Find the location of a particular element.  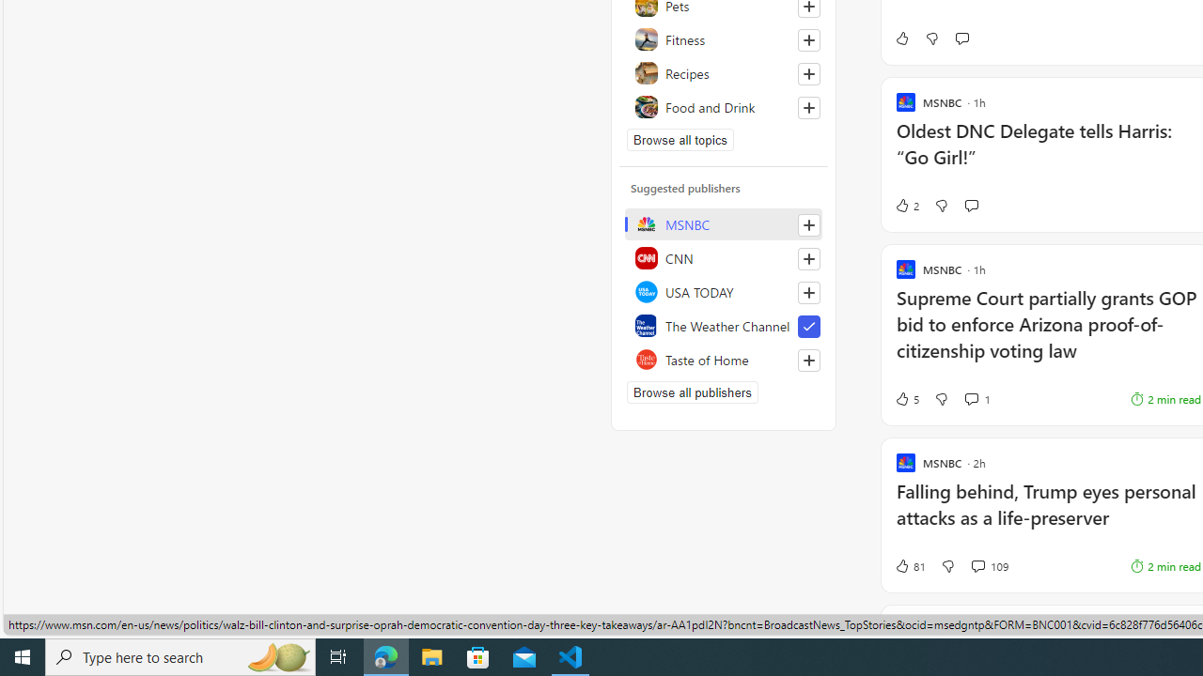

'MSNBC' is located at coordinates (723, 223).